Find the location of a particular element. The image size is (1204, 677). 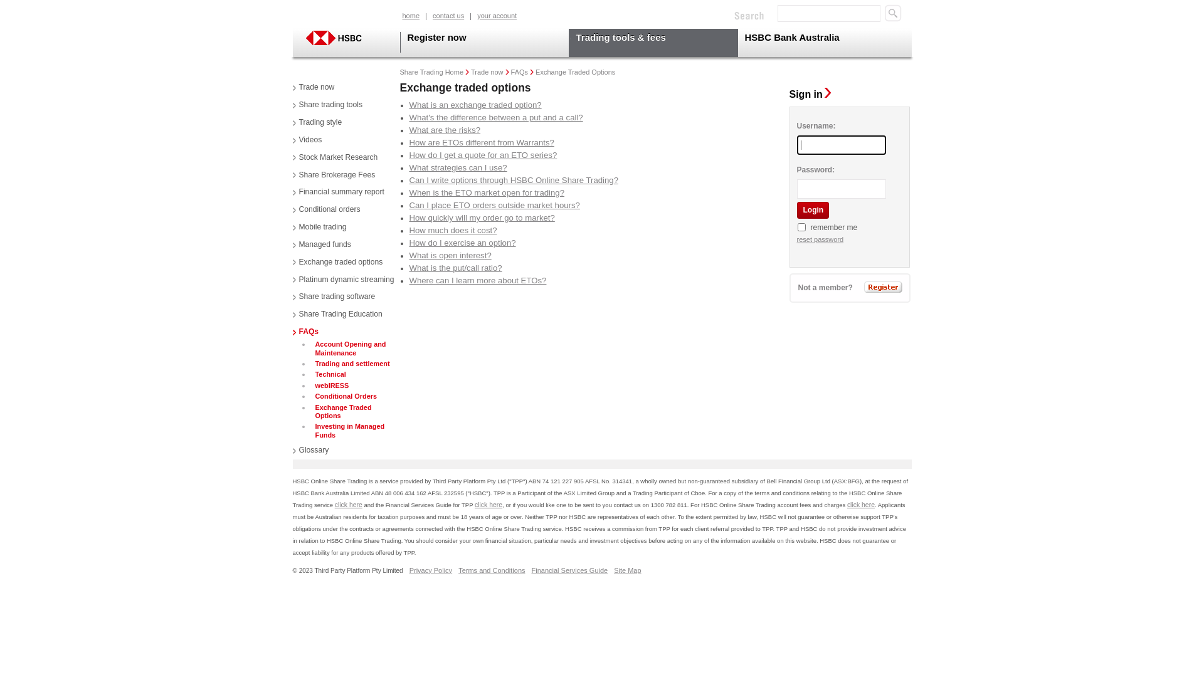

'click here' is located at coordinates (860, 504).